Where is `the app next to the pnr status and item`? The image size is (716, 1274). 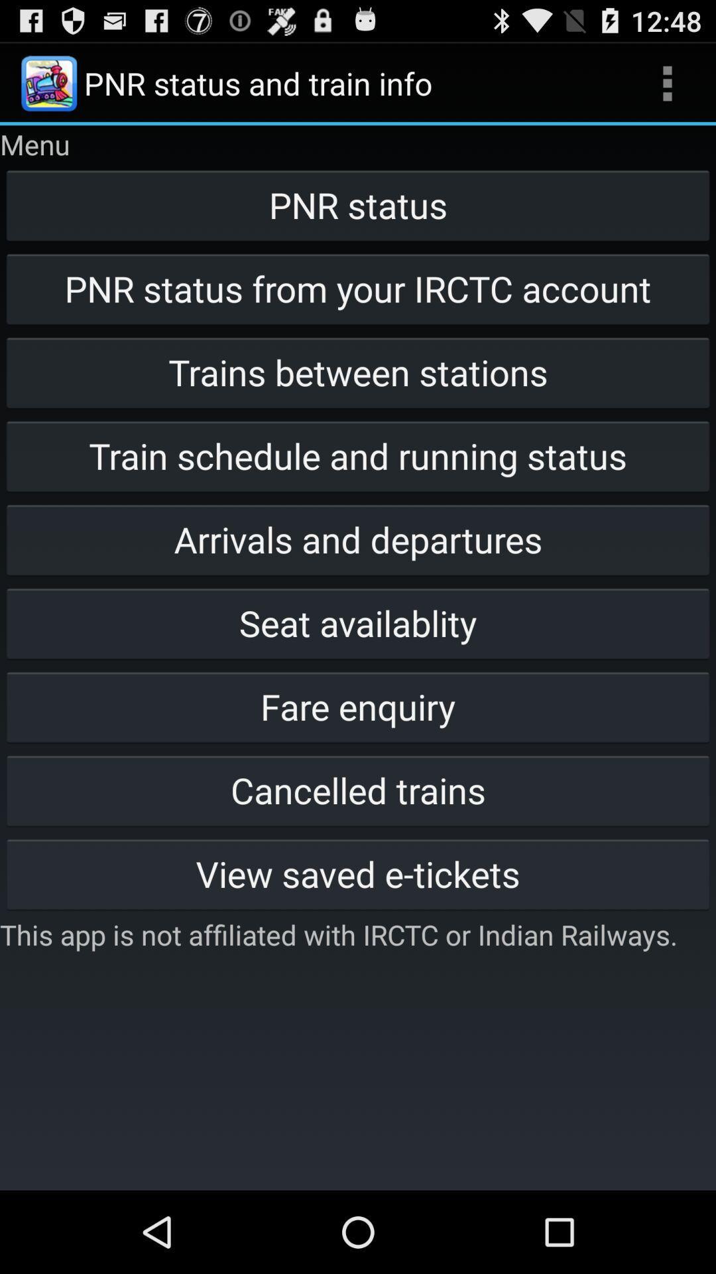 the app next to the pnr status and item is located at coordinates (667, 82).